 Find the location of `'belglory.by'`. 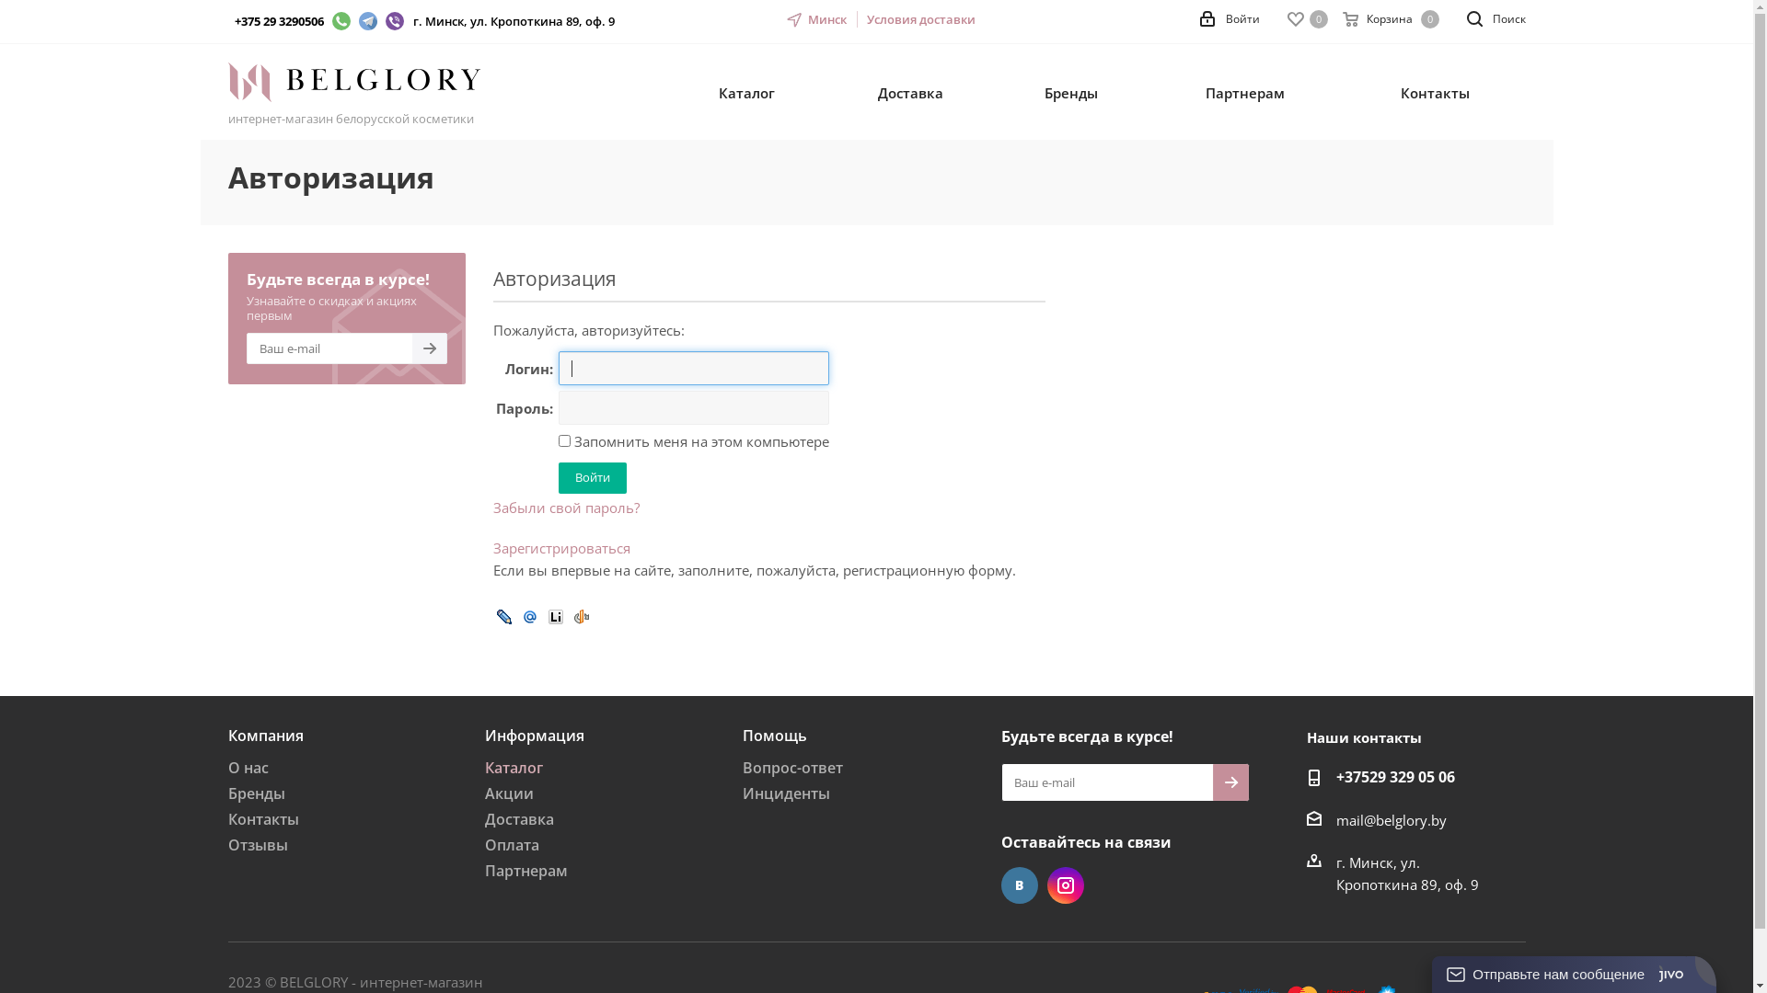

'belglory.by' is located at coordinates (227, 81).